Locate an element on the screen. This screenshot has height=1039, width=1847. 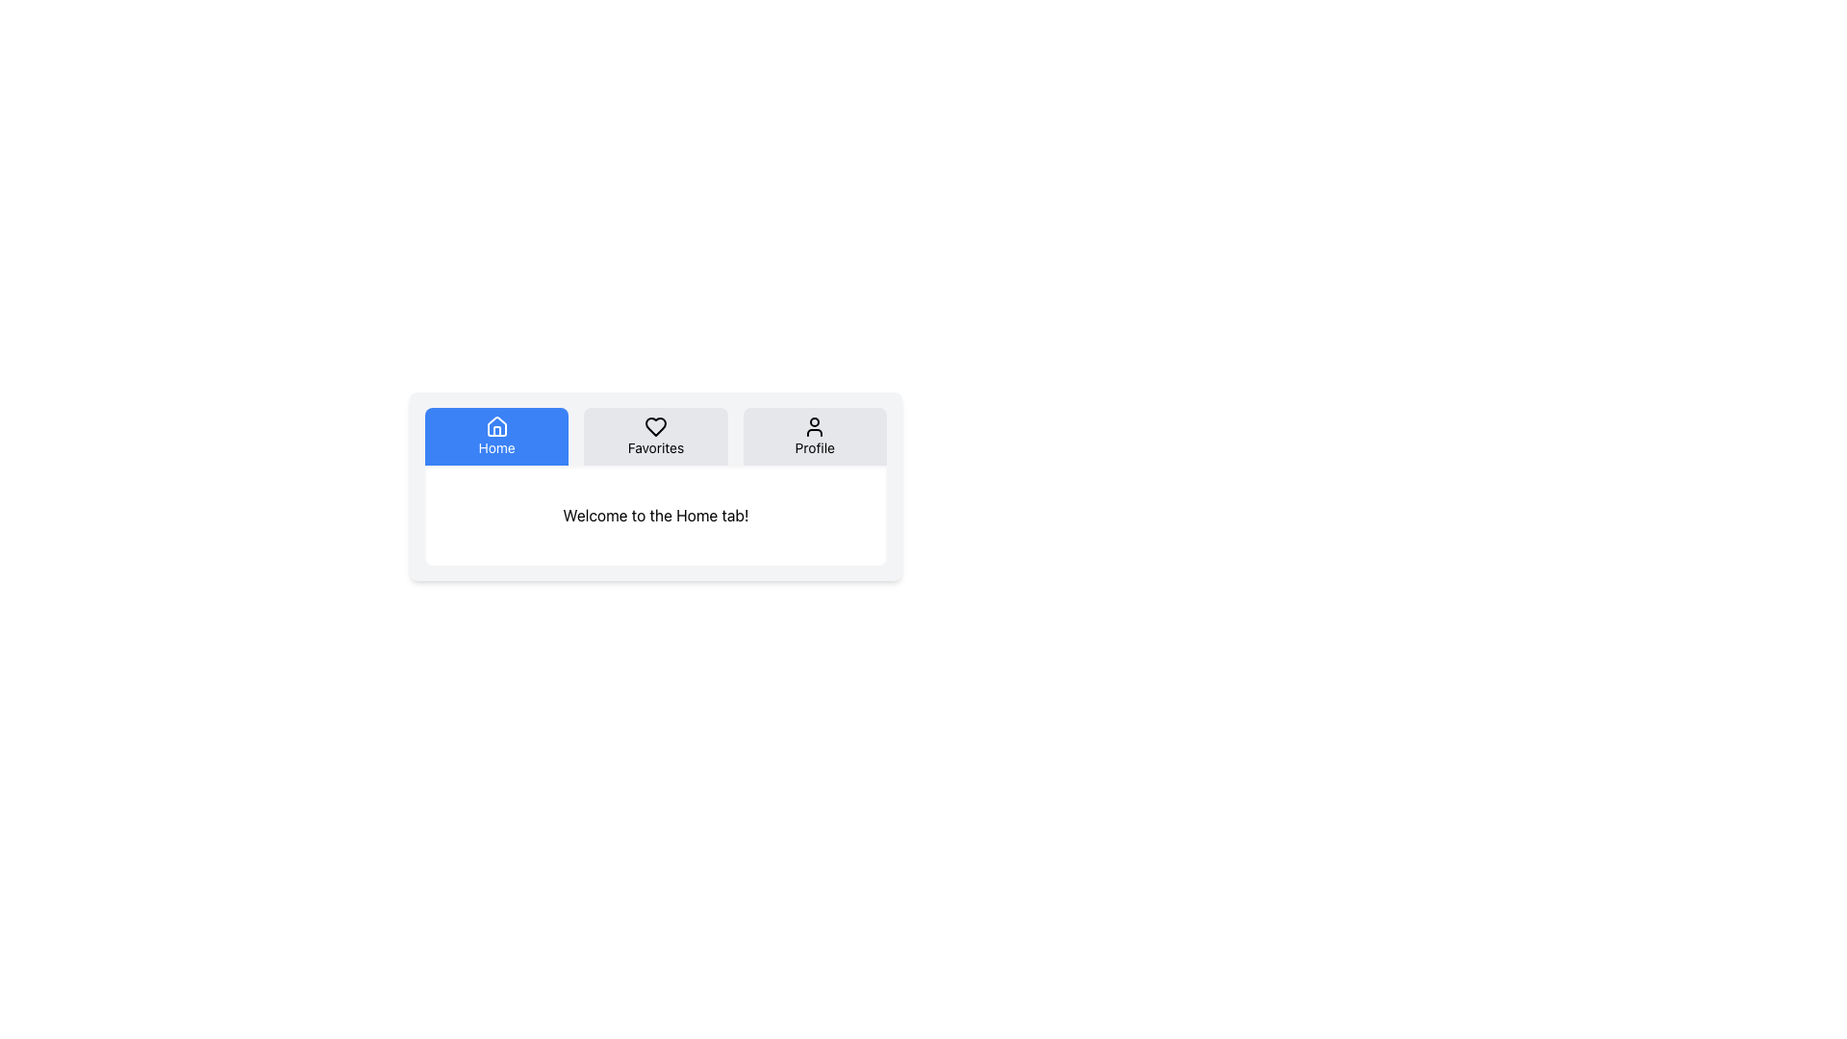
the 'Home' button, which is a rectangular button with rounded corners, blue background, and white text/icon, to trigger associated hover effects is located at coordinates (496, 437).